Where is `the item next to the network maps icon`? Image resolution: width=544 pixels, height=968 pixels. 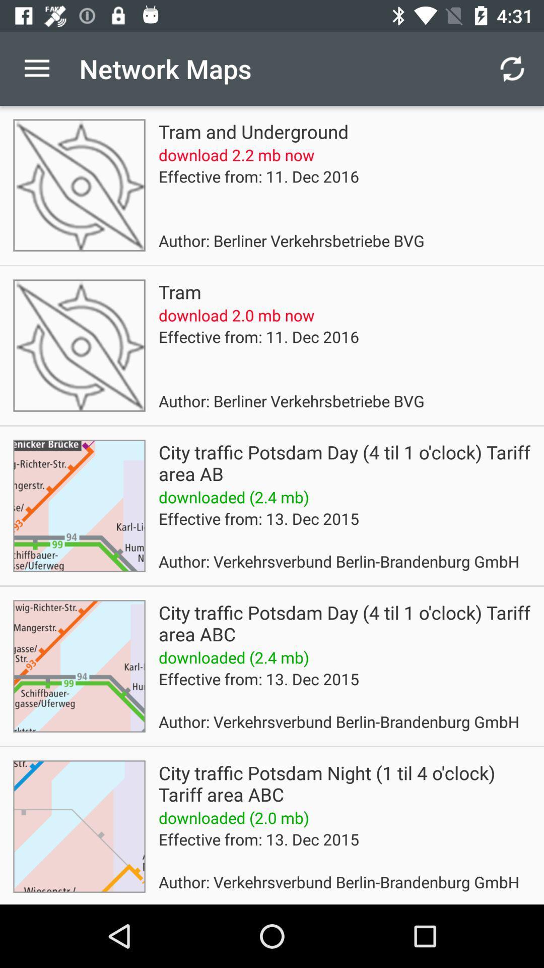 the item next to the network maps icon is located at coordinates (512, 68).